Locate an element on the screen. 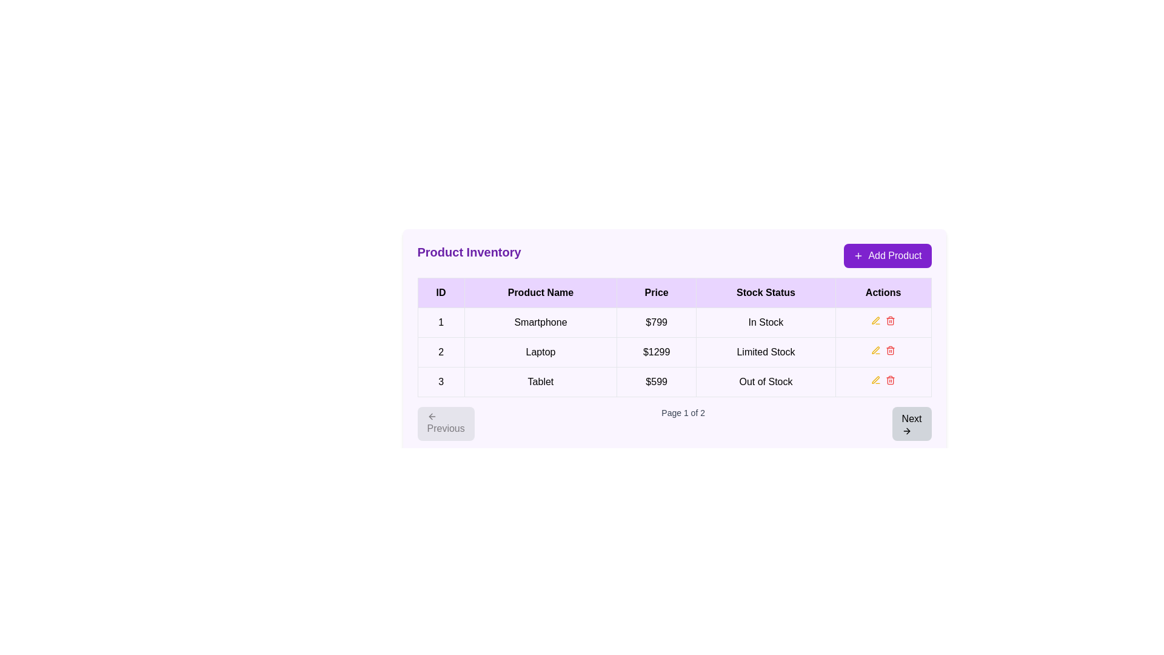  the 'Next' icon located at the bottom-right of the interface is located at coordinates (908, 430).